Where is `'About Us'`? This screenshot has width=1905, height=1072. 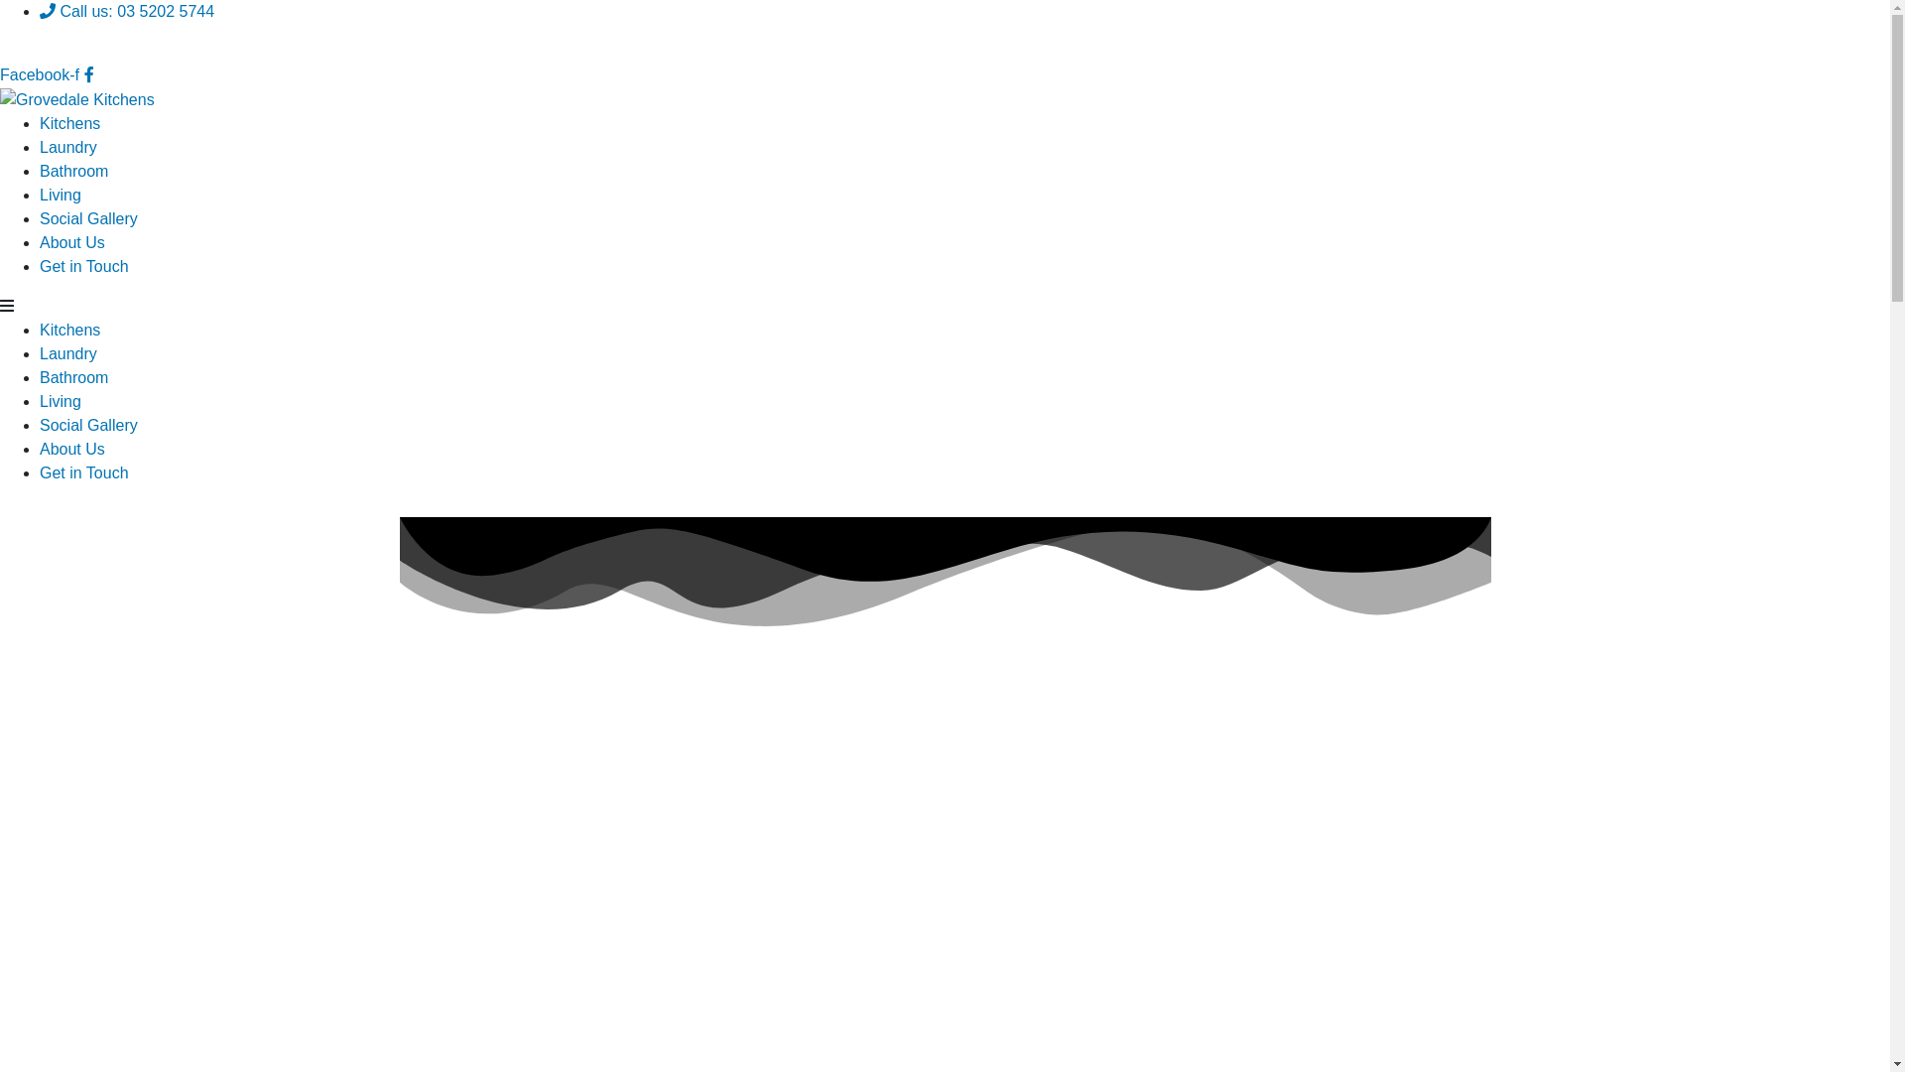
'About Us' is located at coordinates (71, 241).